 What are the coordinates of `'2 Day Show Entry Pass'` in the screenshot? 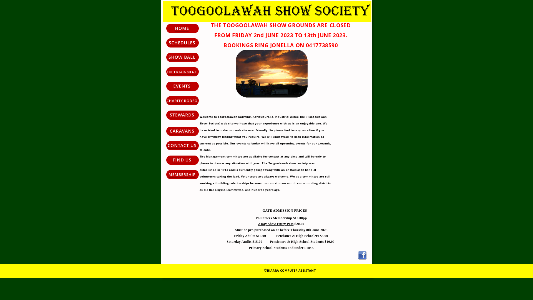 It's located at (276, 224).